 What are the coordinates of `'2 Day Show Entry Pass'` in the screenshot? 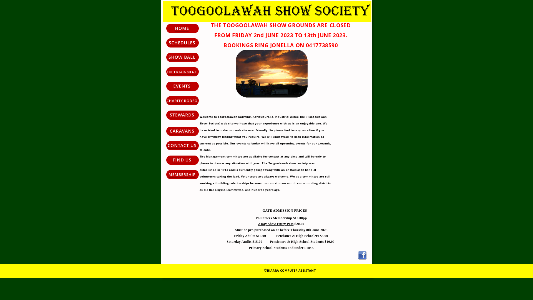 It's located at (276, 224).